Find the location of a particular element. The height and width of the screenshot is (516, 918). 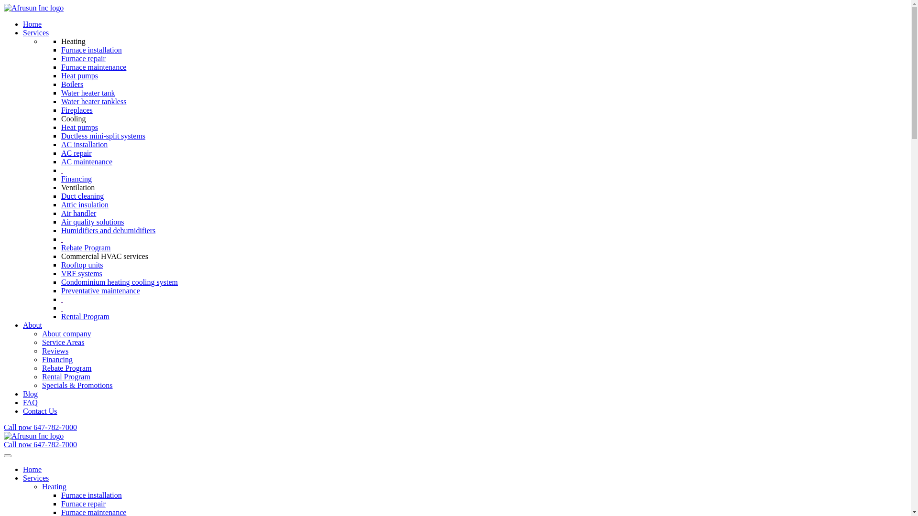

'Contact Us' is located at coordinates (39, 410).